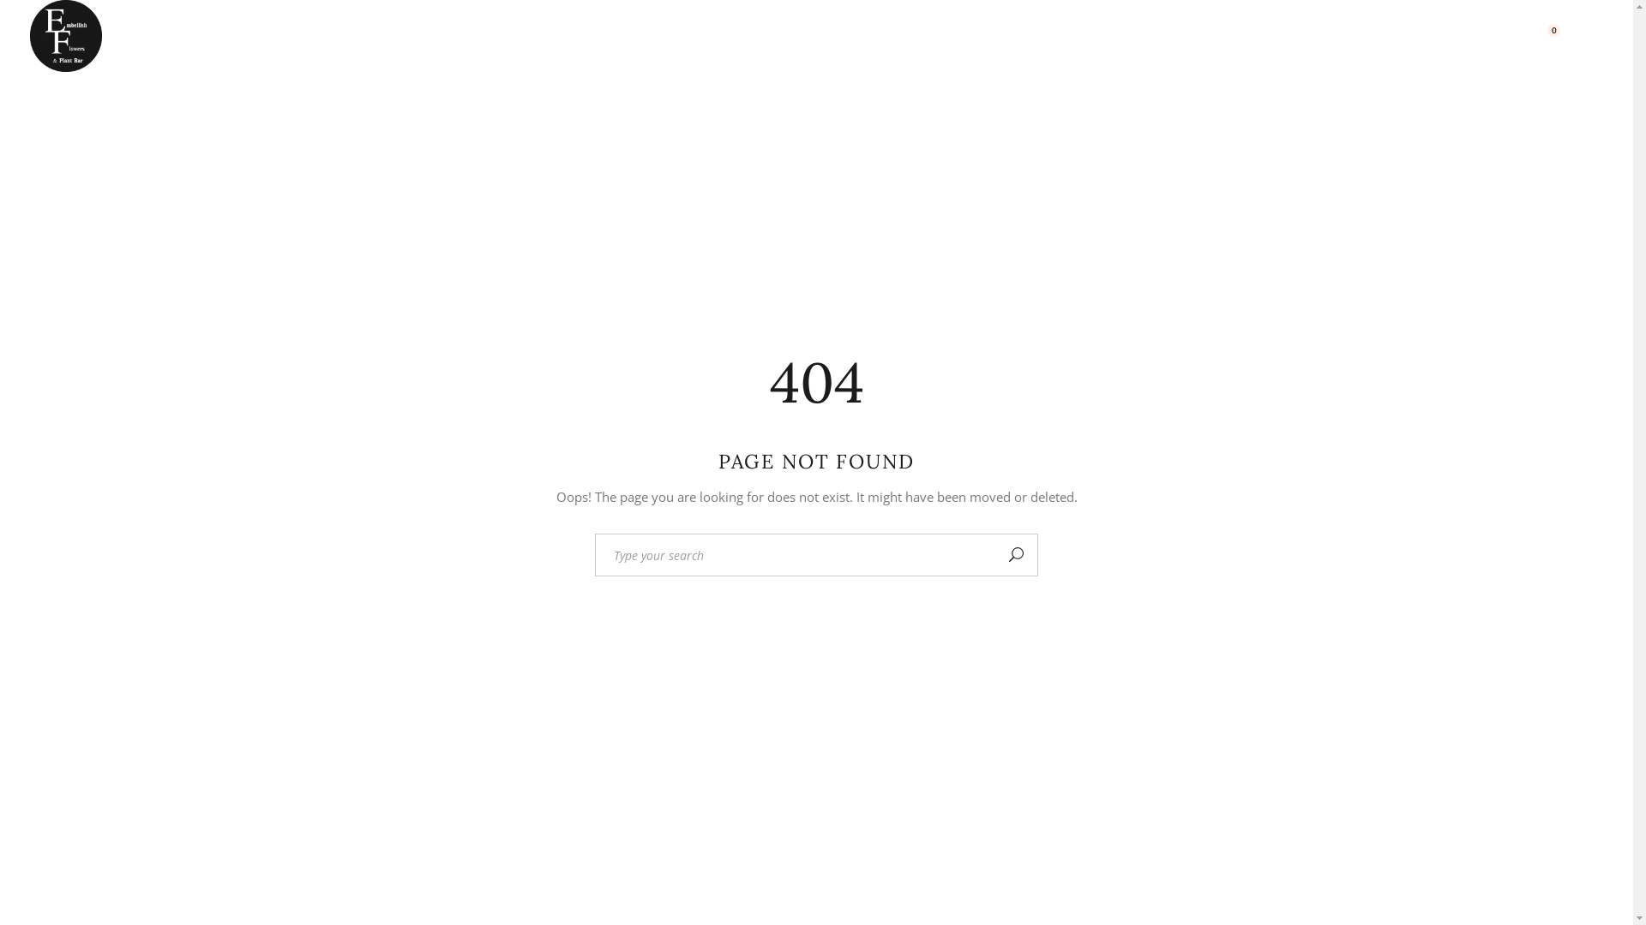 This screenshot has height=925, width=1646. What do you see at coordinates (328, 36) in the screenshot?
I see `'FRESH FLOWERS'` at bounding box center [328, 36].